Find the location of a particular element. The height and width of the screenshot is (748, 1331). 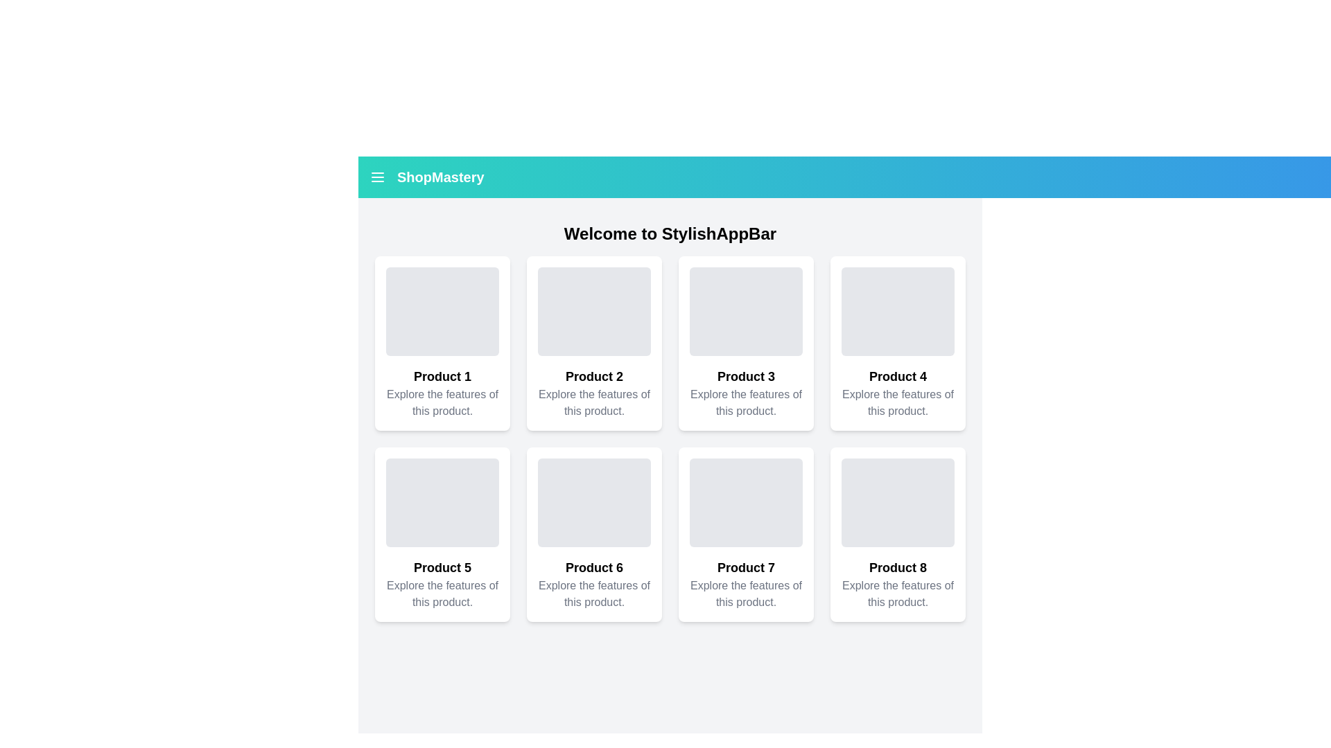

displayed text of the Text label that serves as the title for the product card of 'Product 1', located at the top of the textual content portion within the card is located at coordinates (442, 376).